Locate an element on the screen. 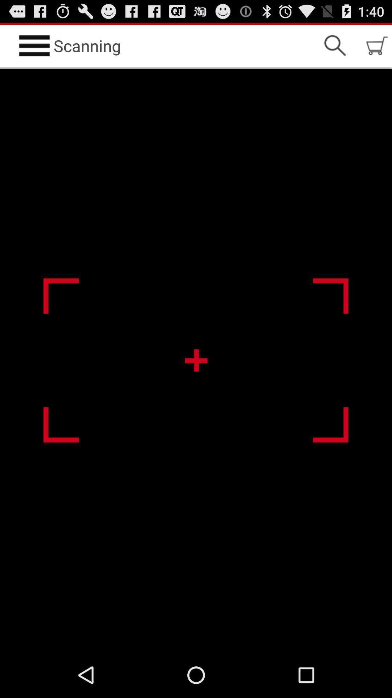  the app to the right of scanning is located at coordinates (335, 45).